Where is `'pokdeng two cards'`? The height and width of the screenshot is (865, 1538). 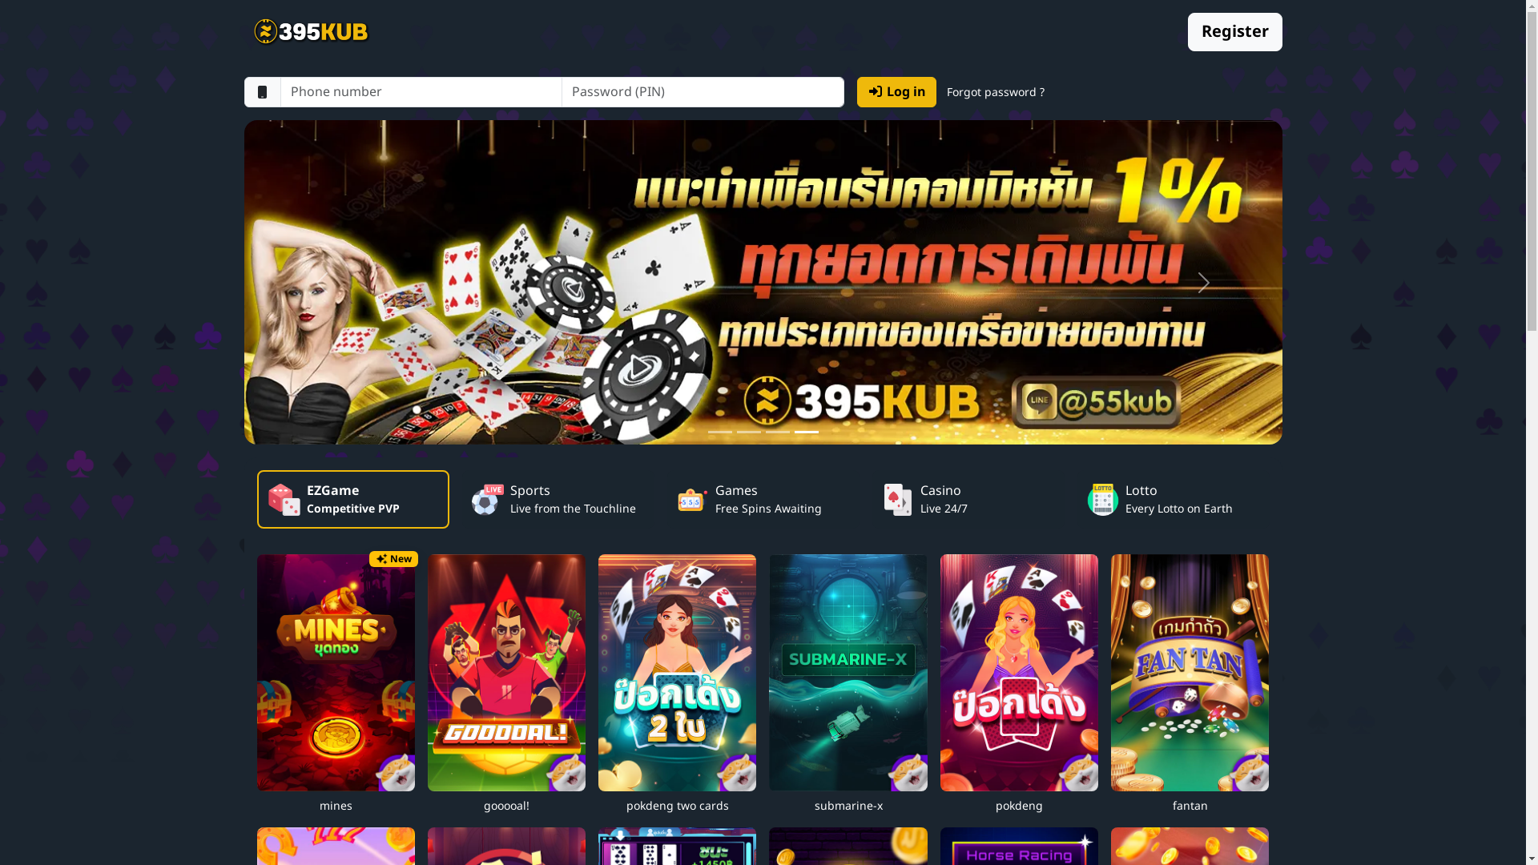
'pokdeng two cards' is located at coordinates (677, 684).